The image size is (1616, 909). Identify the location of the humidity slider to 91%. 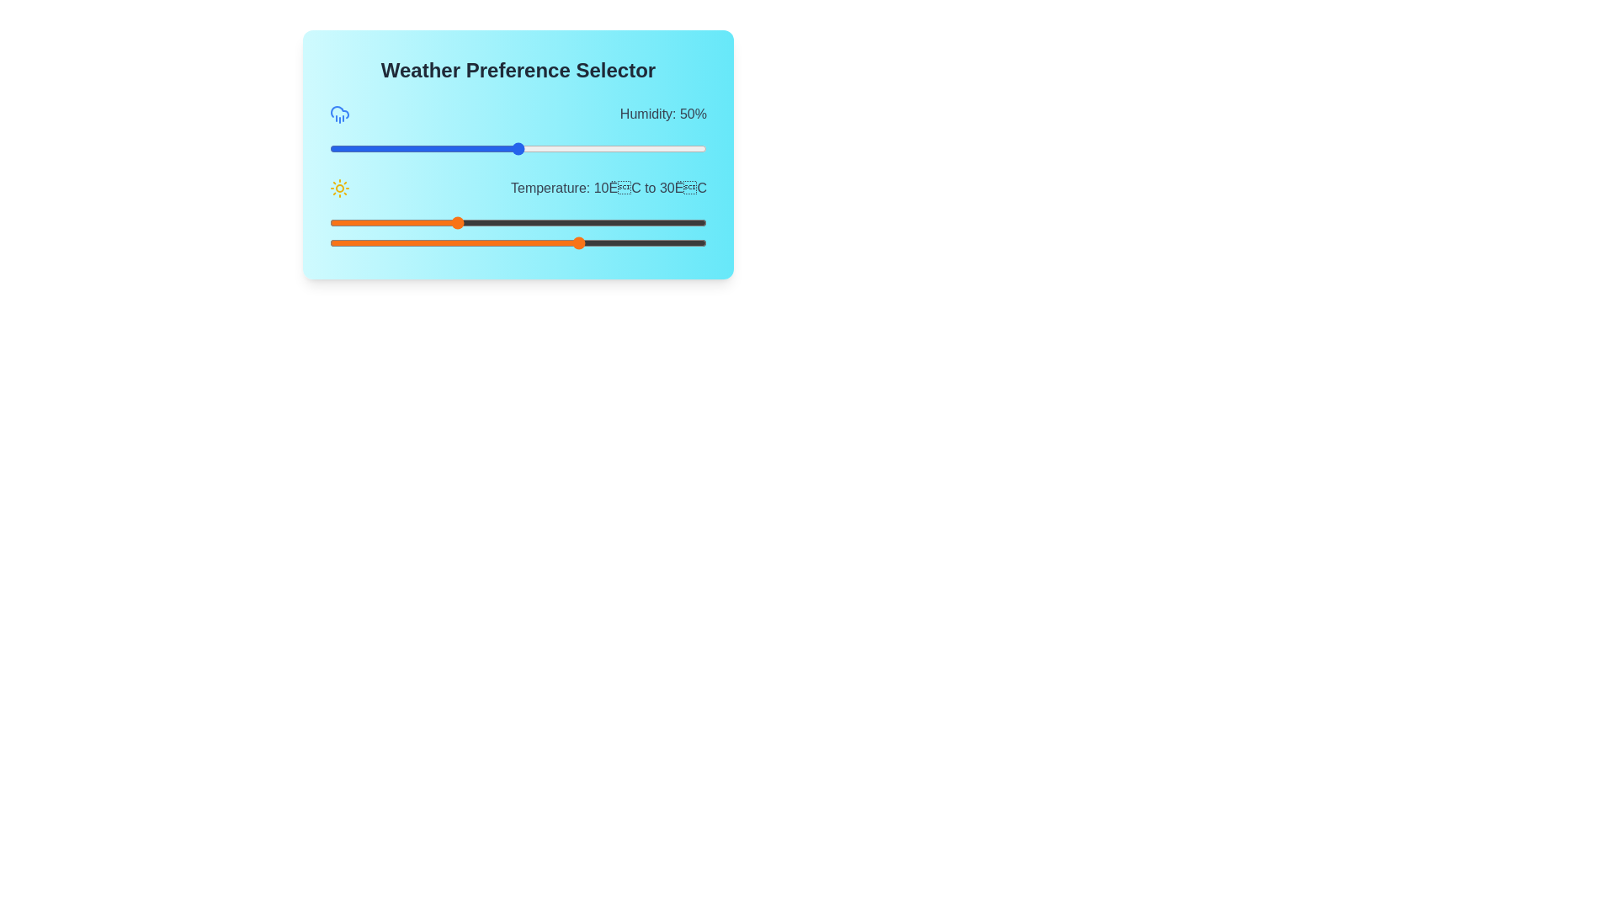
(672, 148).